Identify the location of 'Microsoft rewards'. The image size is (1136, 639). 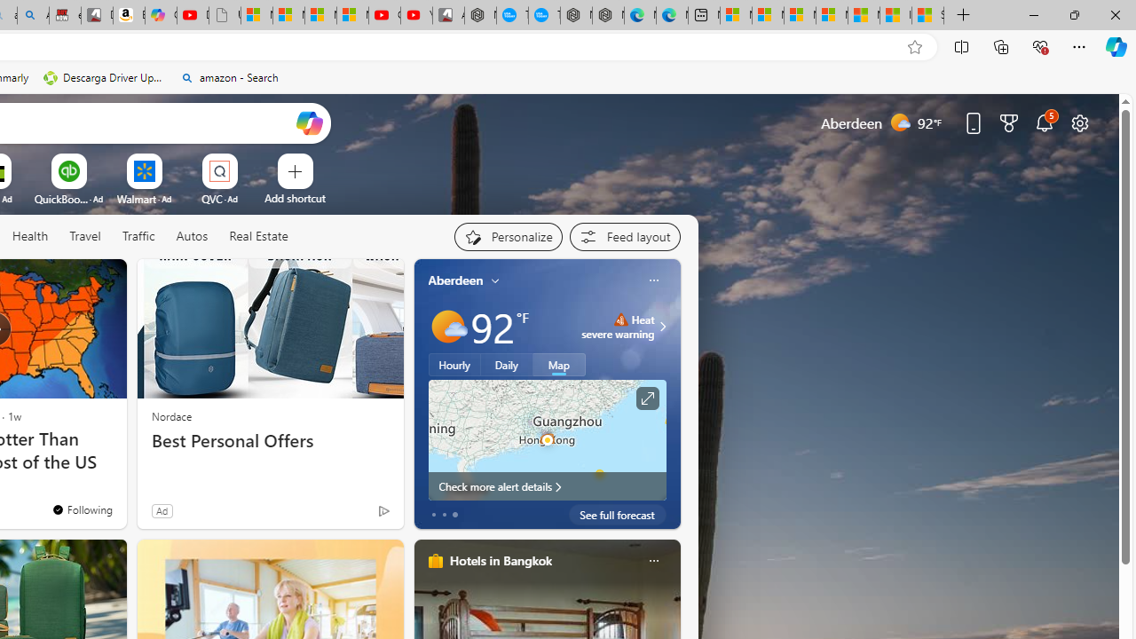
(1009, 122).